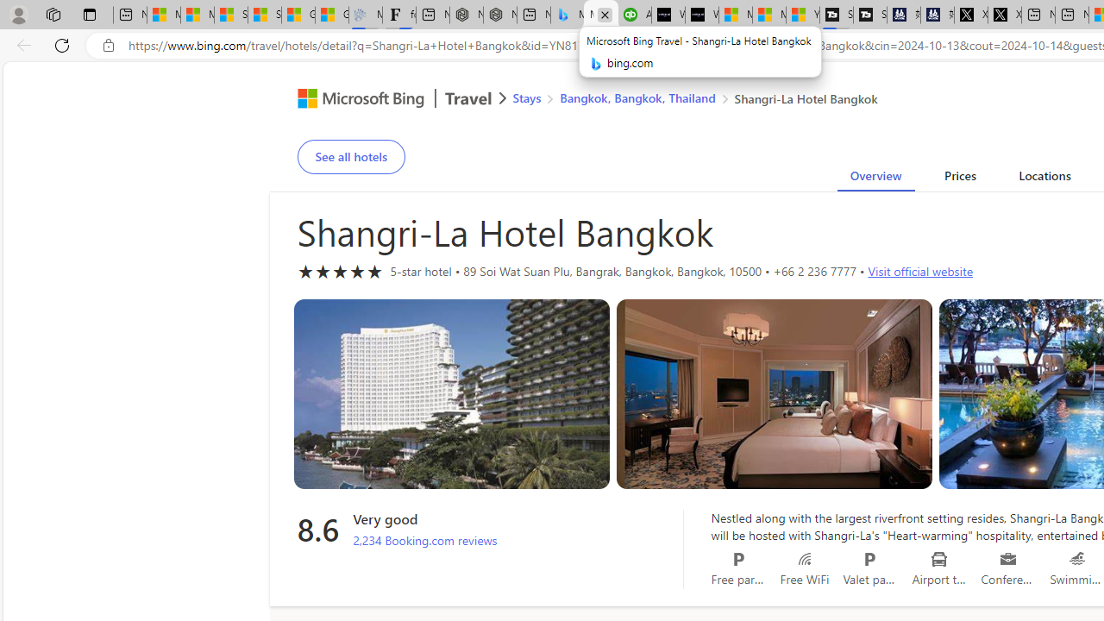  I want to click on 'New tab', so click(1070, 15).